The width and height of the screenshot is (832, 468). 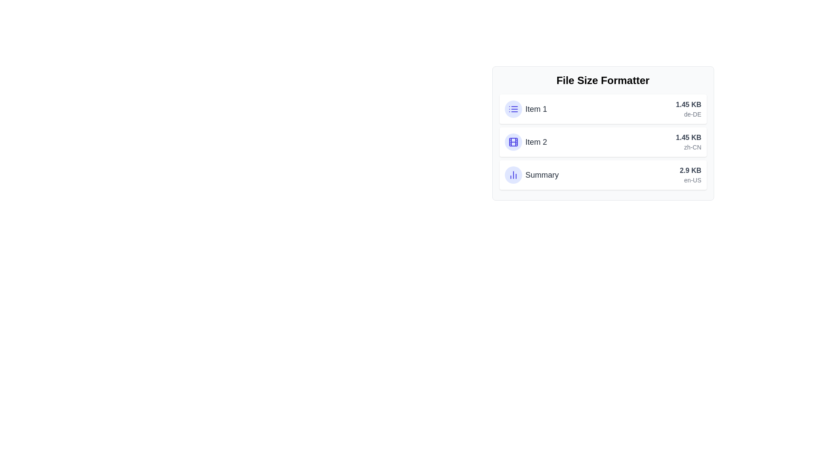 I want to click on the 'Summary' text label located in the right panel of the interface within the 'File Size Formatter' section, which is aligned to the right of a circular icon with a small bar chart illustration, so click(x=542, y=175).